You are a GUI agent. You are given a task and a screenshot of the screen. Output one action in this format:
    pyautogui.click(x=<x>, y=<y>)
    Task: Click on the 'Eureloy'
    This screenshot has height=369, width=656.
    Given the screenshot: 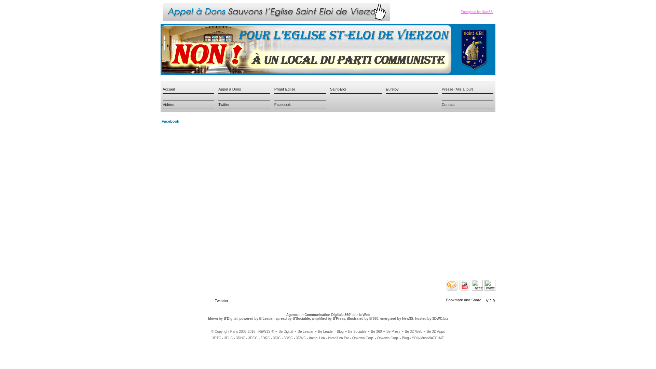 What is the action you would take?
    pyautogui.click(x=392, y=88)
    